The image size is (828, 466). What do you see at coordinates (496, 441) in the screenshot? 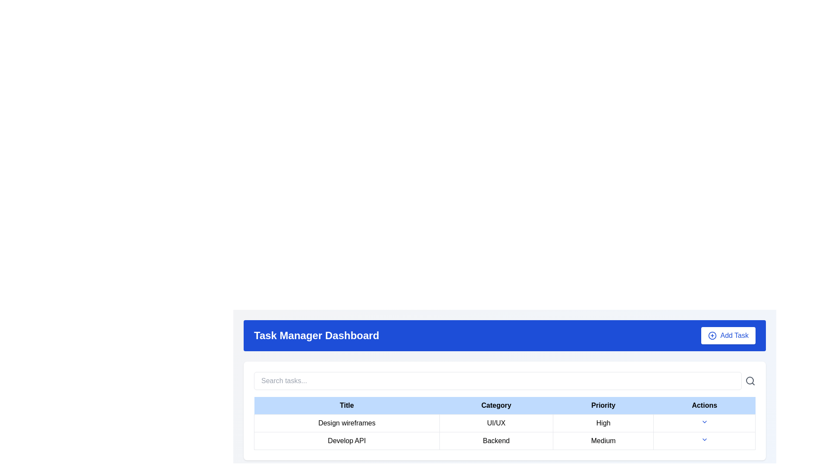
I see `the table cell containing the category descriptor for the task 'Develop API'` at bounding box center [496, 441].